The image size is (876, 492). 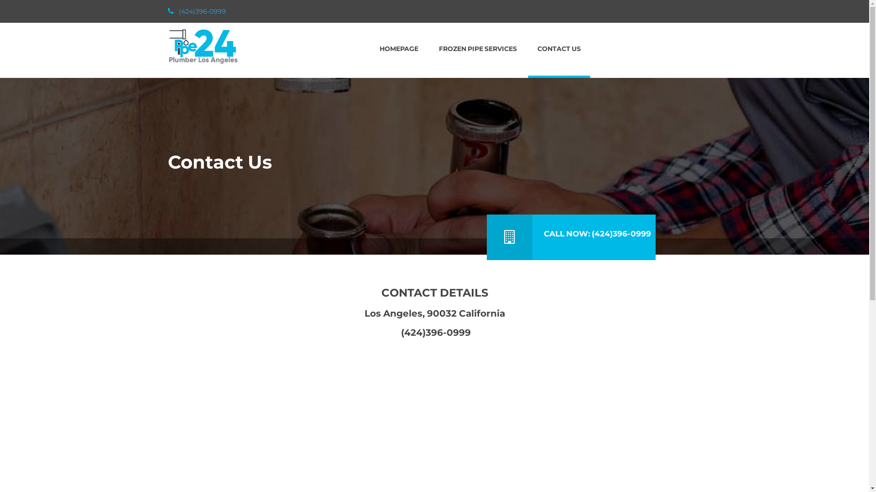 What do you see at coordinates (399, 49) in the screenshot?
I see `'HOMEPAGE'` at bounding box center [399, 49].